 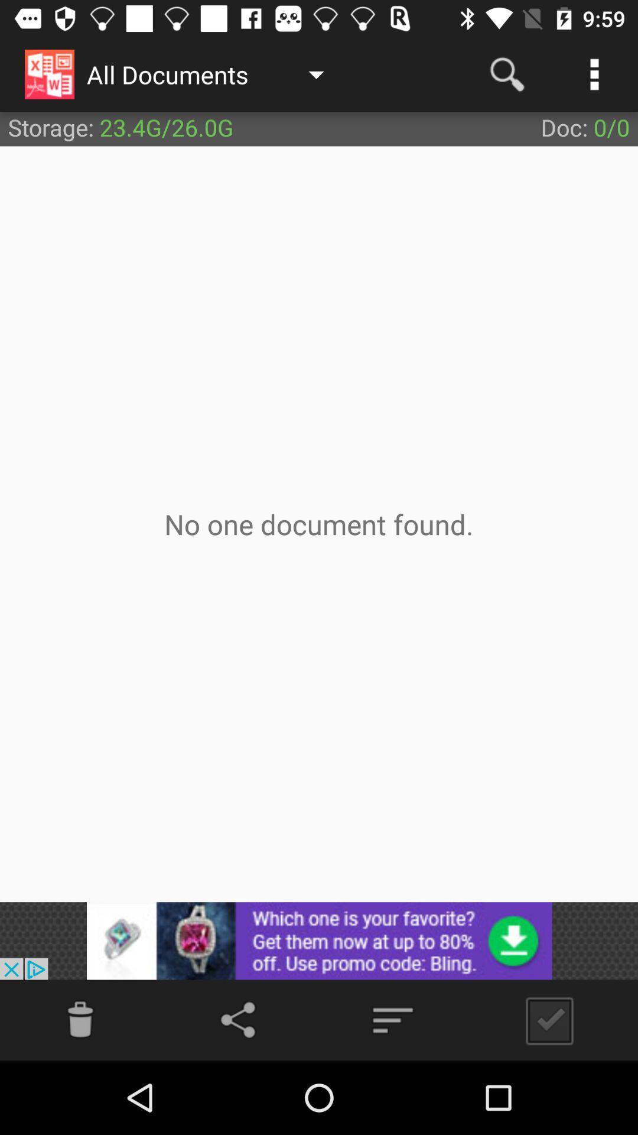 I want to click on delete, so click(x=80, y=1019).